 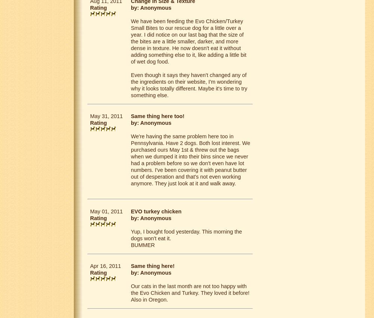 I want to click on 'Also in Oregon.', so click(x=149, y=299).